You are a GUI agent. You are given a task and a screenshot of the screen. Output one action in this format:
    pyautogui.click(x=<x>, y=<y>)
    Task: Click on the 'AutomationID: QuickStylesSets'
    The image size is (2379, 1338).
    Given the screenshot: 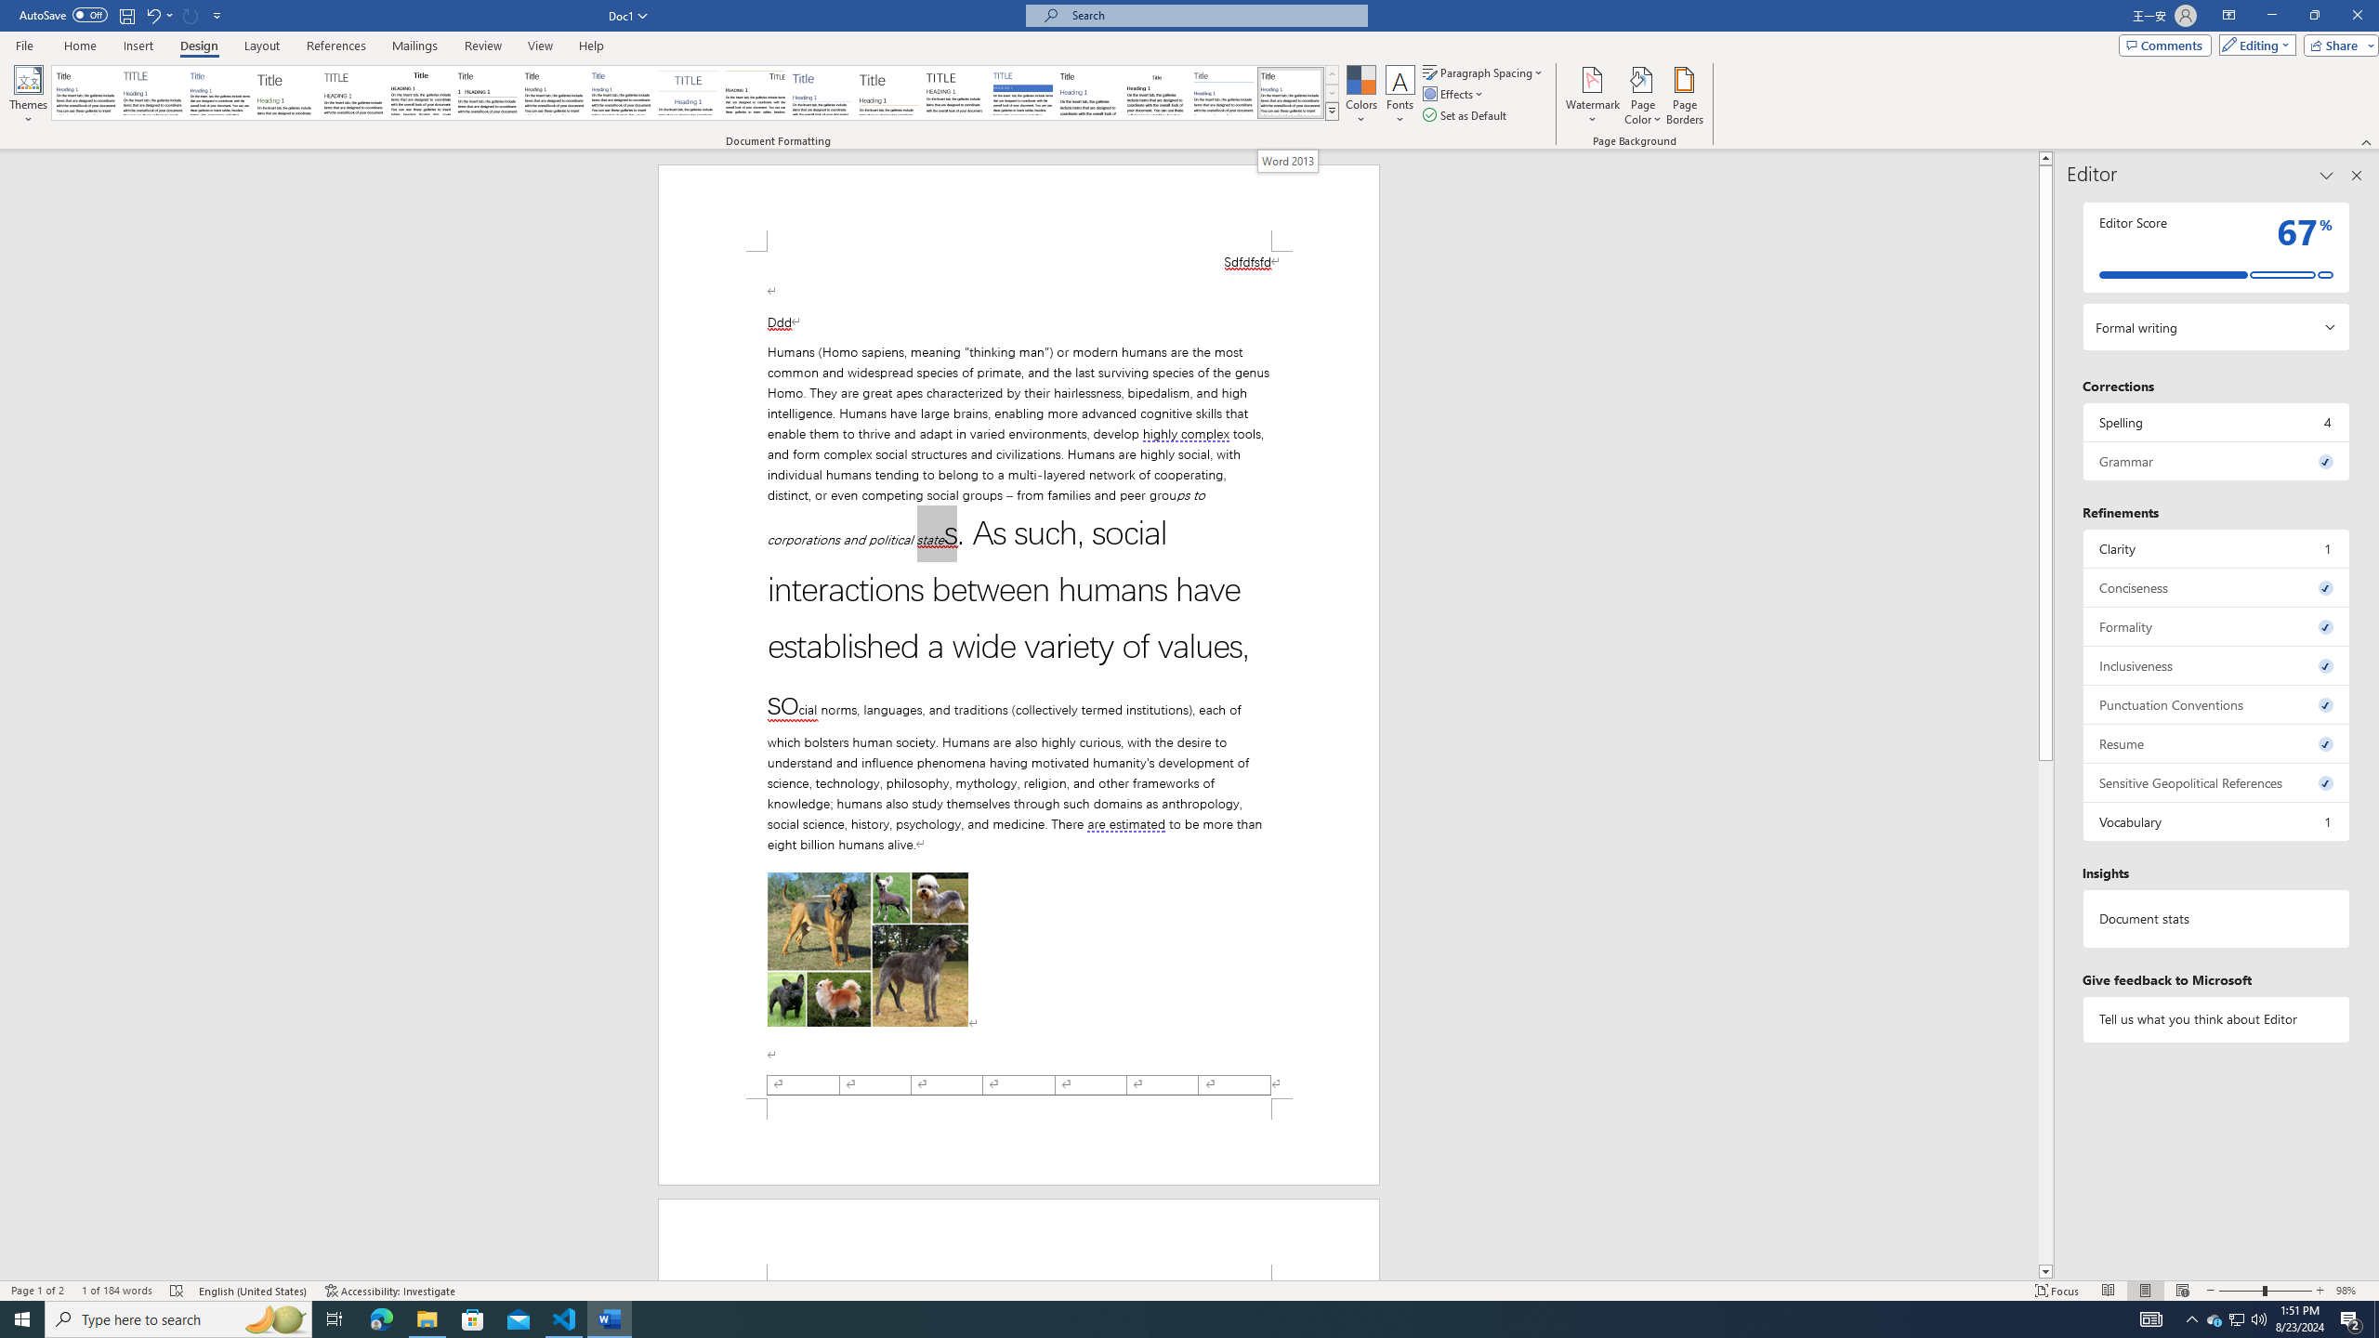 What is the action you would take?
    pyautogui.click(x=694, y=92)
    